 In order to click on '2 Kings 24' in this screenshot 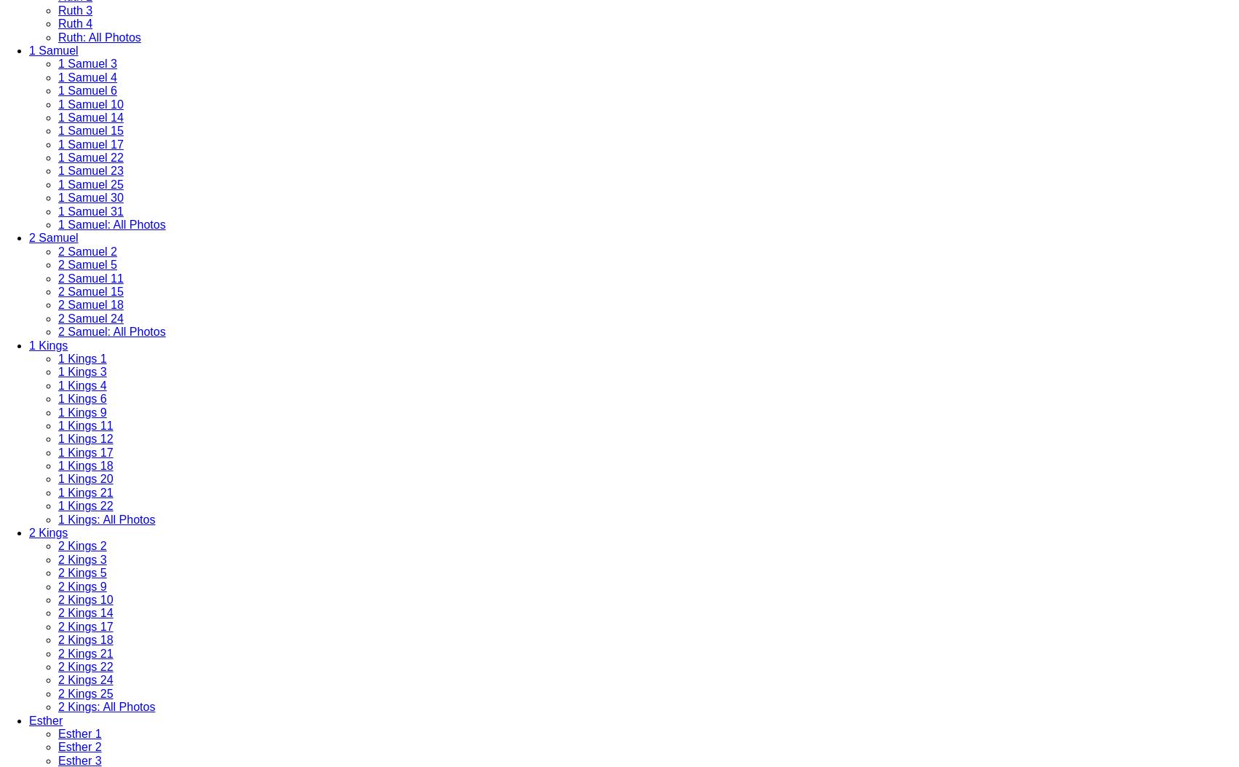, I will do `click(85, 679)`.